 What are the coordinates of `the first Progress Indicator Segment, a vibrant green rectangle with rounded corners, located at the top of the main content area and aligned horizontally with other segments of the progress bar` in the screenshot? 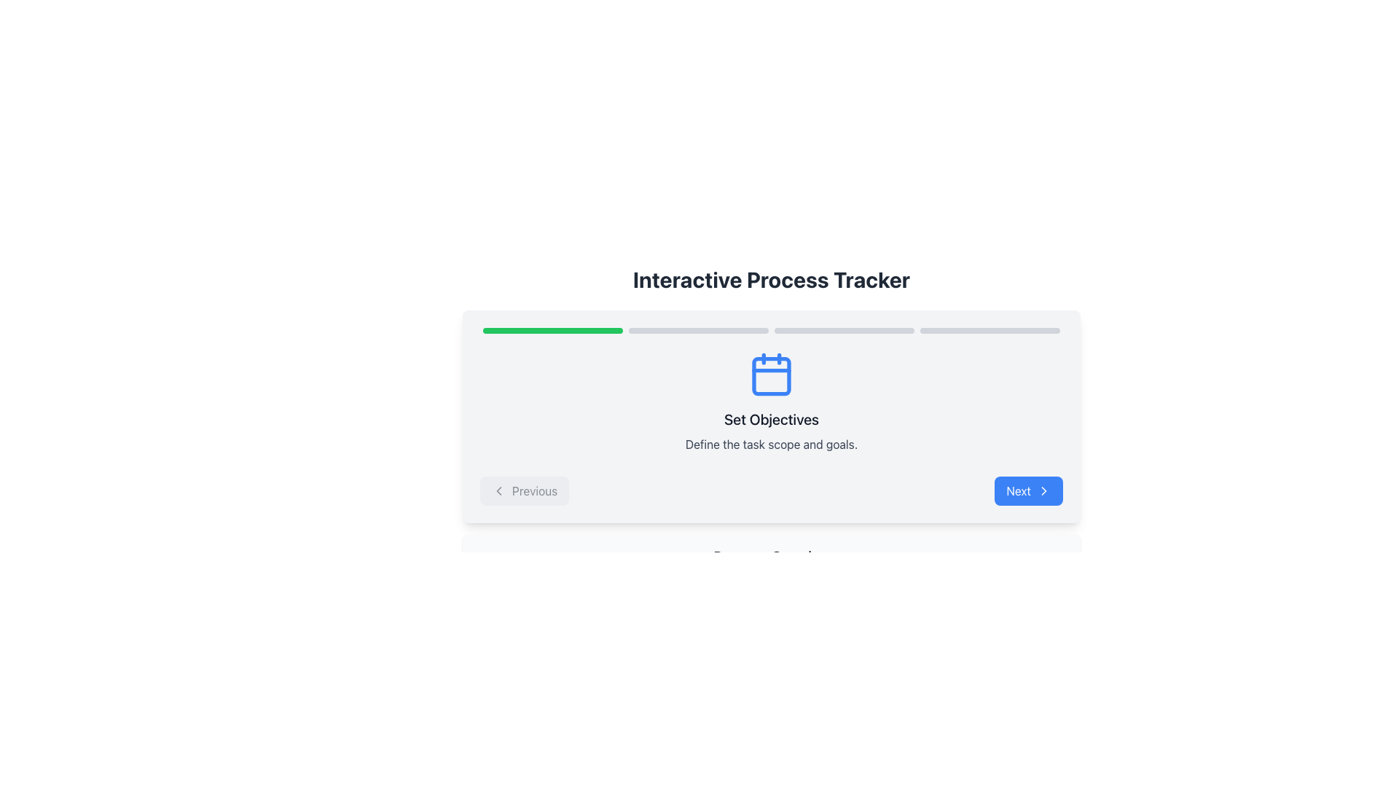 It's located at (552, 331).